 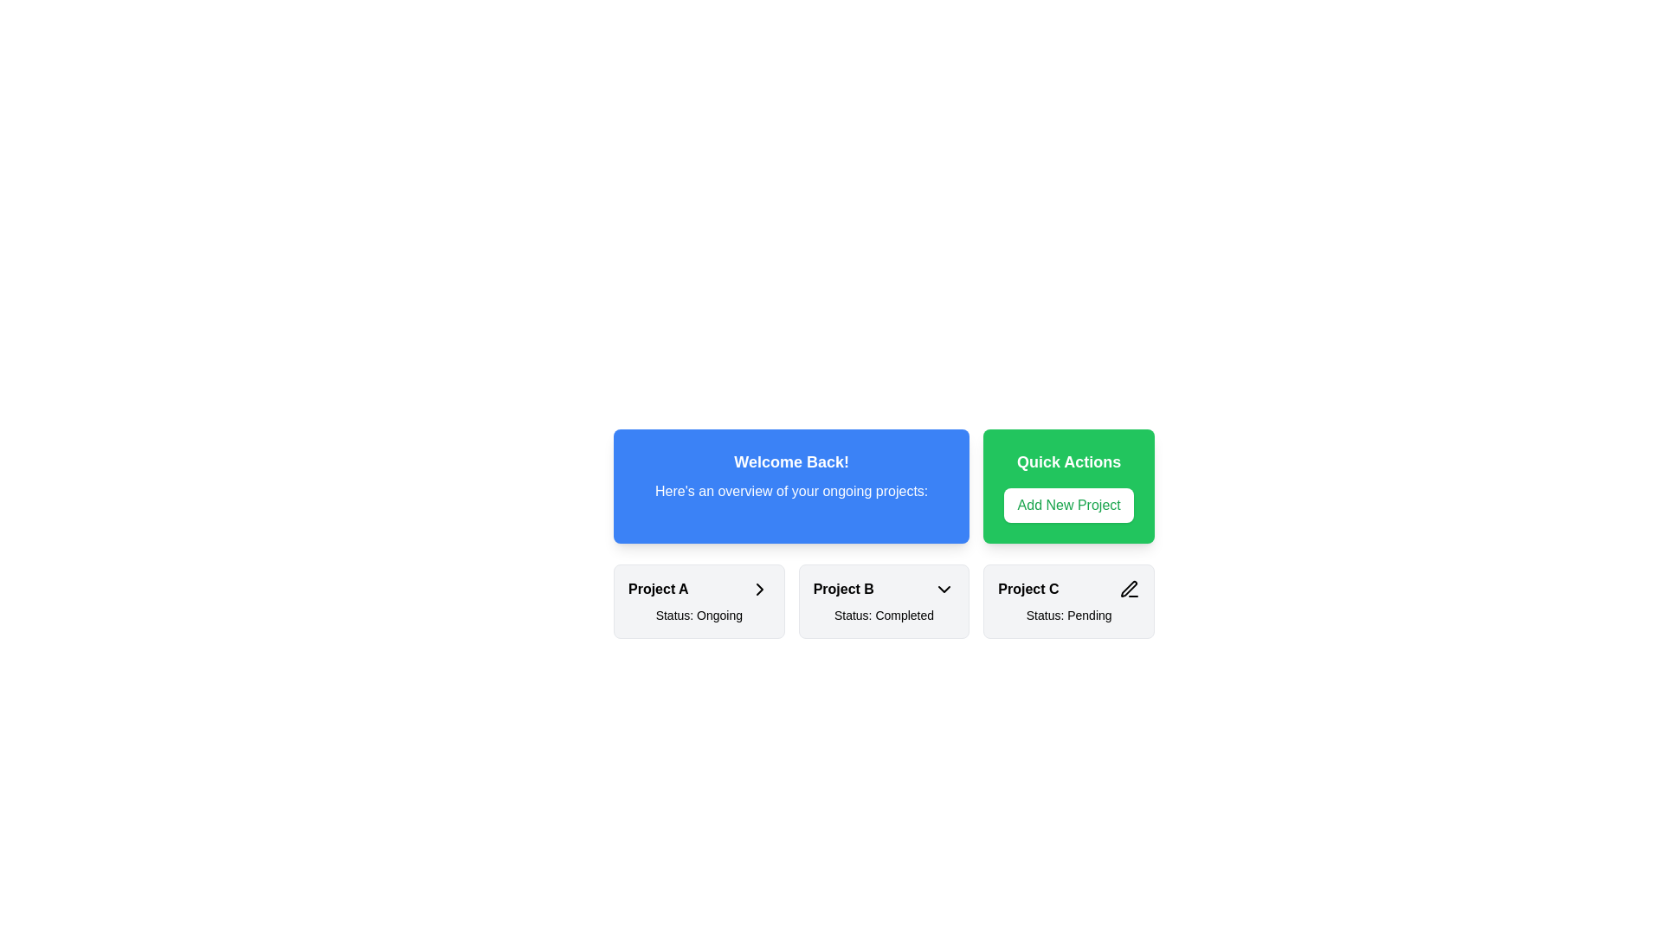 What do you see at coordinates (1130, 589) in the screenshot?
I see `the edit icon resembling a pen and a line, located at the top-right corner of the 'Project C' card` at bounding box center [1130, 589].